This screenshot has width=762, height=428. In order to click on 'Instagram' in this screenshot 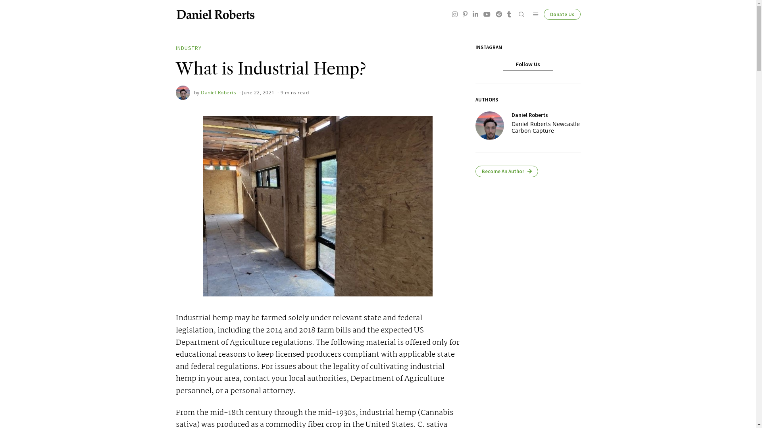, I will do `click(455, 14)`.